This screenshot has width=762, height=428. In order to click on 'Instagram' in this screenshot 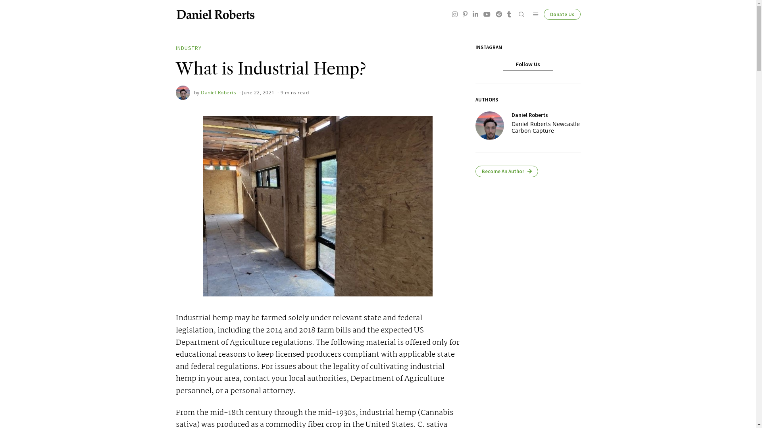, I will do `click(455, 14)`.